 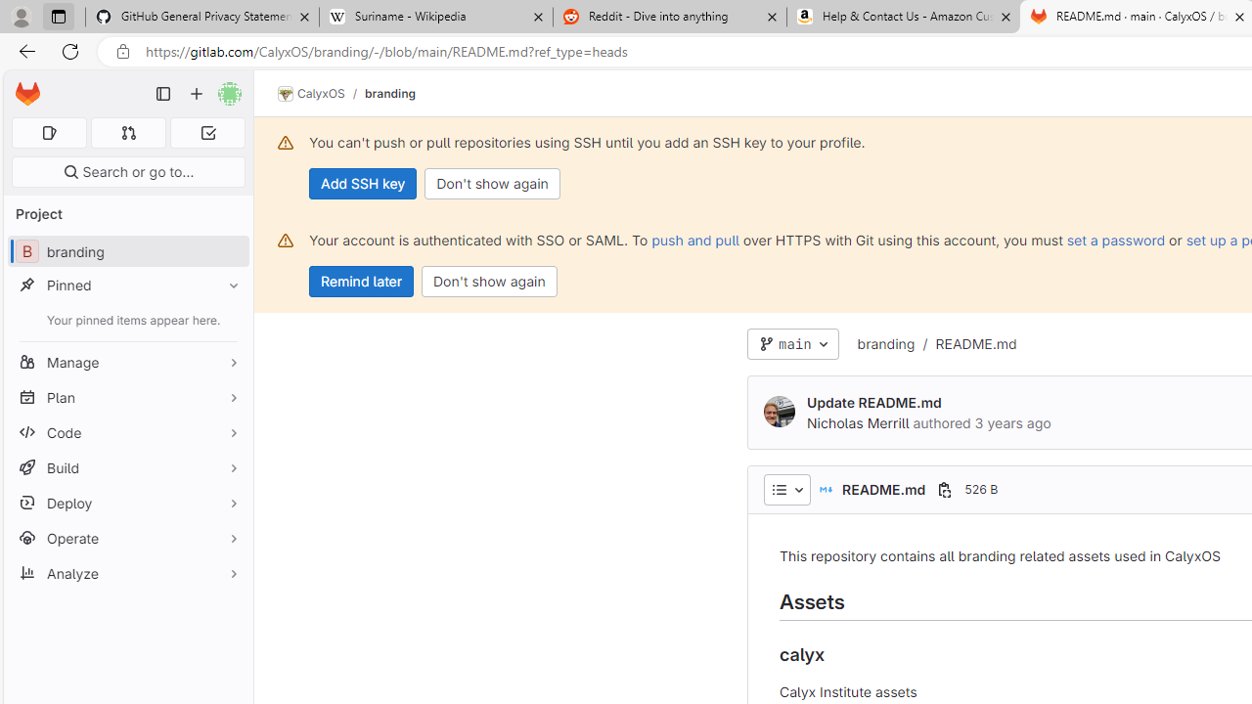 What do you see at coordinates (127, 396) in the screenshot?
I see `'Plan'` at bounding box center [127, 396].